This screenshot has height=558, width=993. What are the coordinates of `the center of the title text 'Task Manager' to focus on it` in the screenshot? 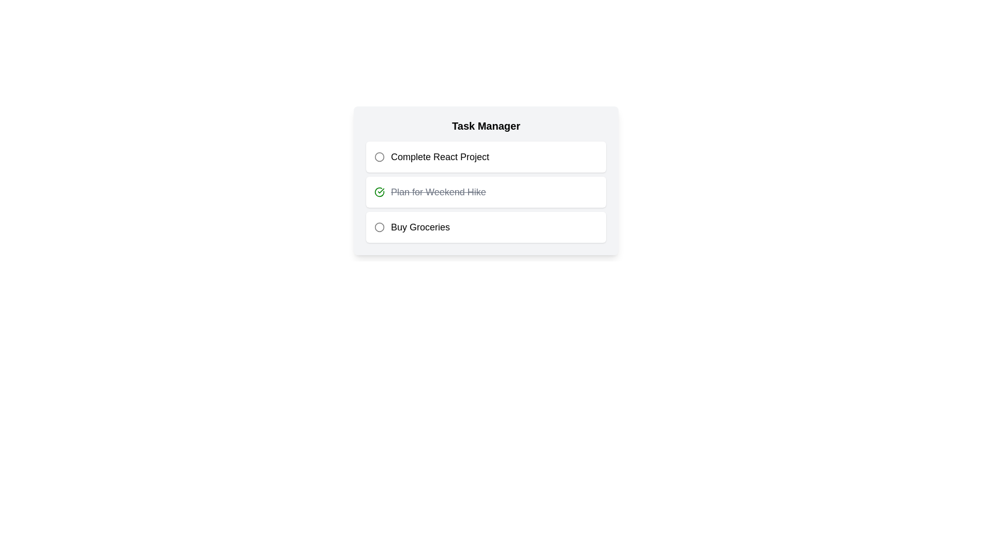 It's located at (486, 125).